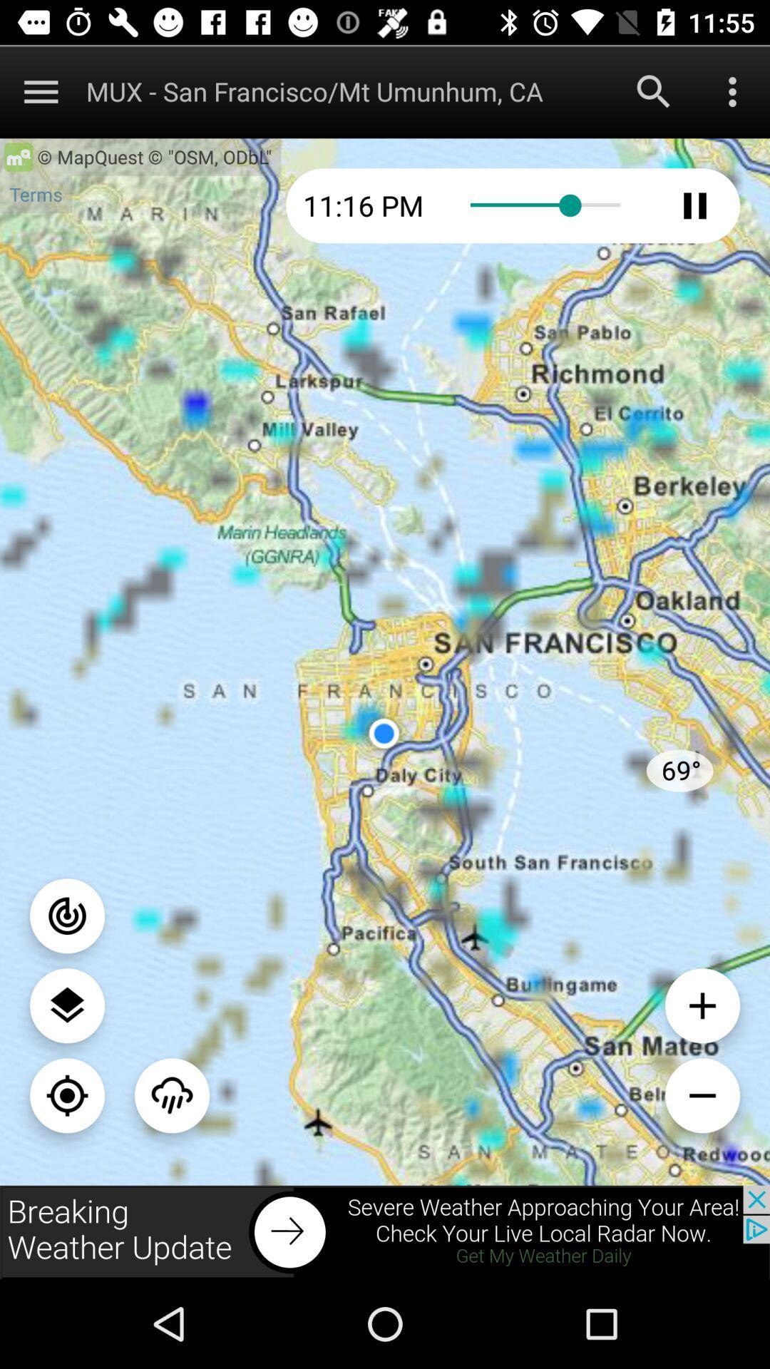 Image resolution: width=770 pixels, height=1369 pixels. Describe the element at coordinates (702, 1094) in the screenshot. I see `less than symbol` at that location.